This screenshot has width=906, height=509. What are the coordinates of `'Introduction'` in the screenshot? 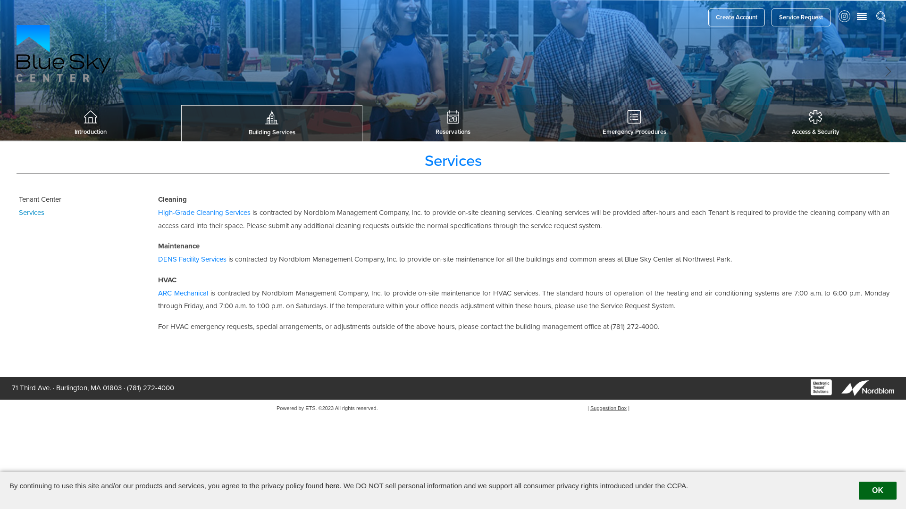 It's located at (91, 123).